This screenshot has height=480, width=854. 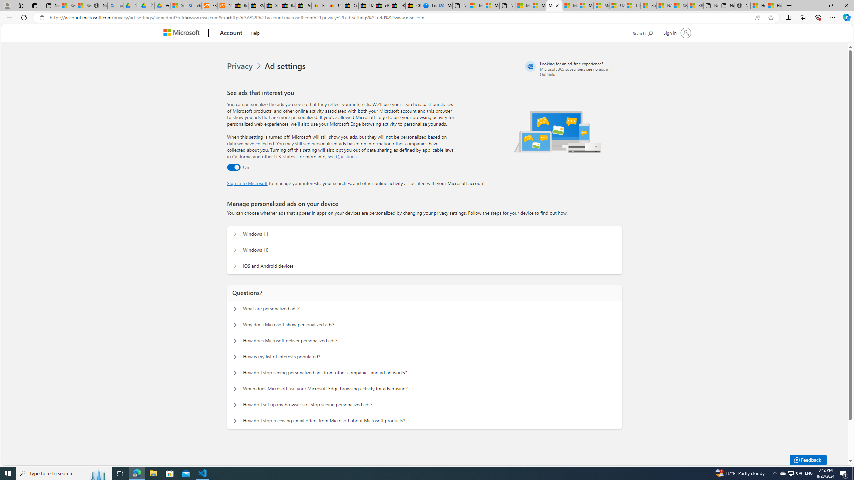 I want to click on 'Press Room - eBay Inc.', so click(x=303, y=5).